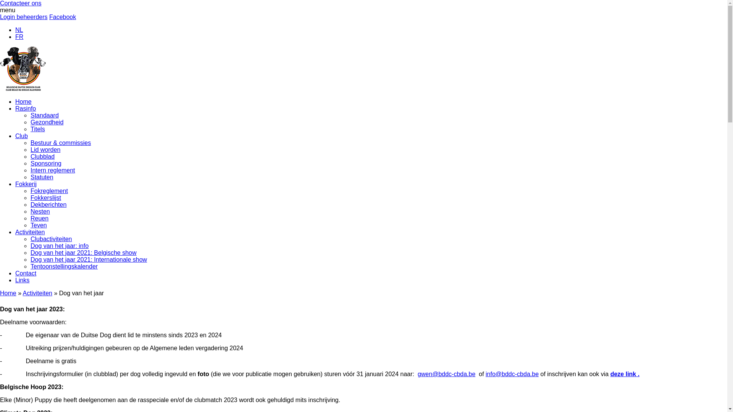 This screenshot has height=412, width=733. Describe the element at coordinates (39, 218) in the screenshot. I see `'Reuen'` at that location.